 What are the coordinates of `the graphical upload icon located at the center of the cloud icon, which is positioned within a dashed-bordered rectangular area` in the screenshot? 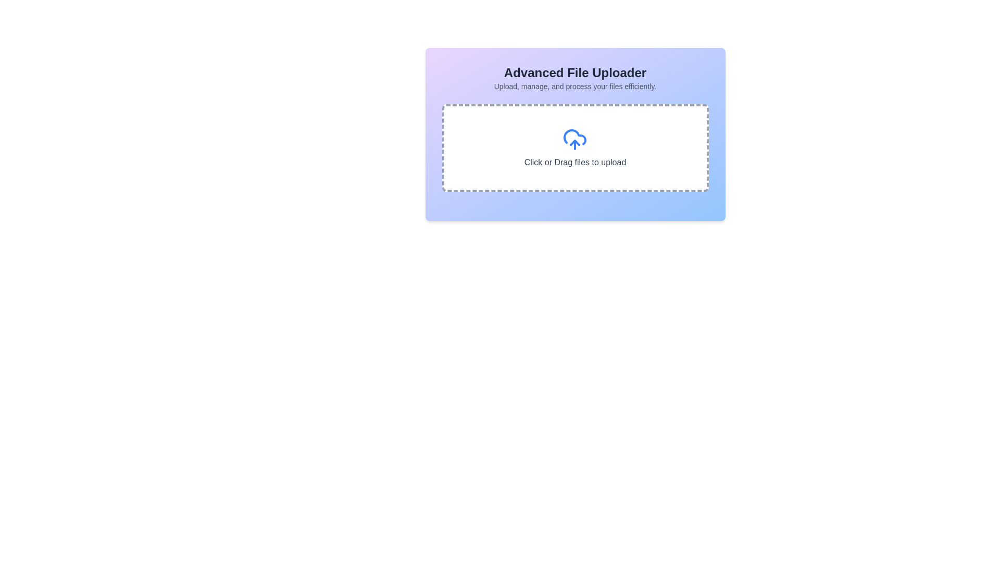 It's located at (574, 142).